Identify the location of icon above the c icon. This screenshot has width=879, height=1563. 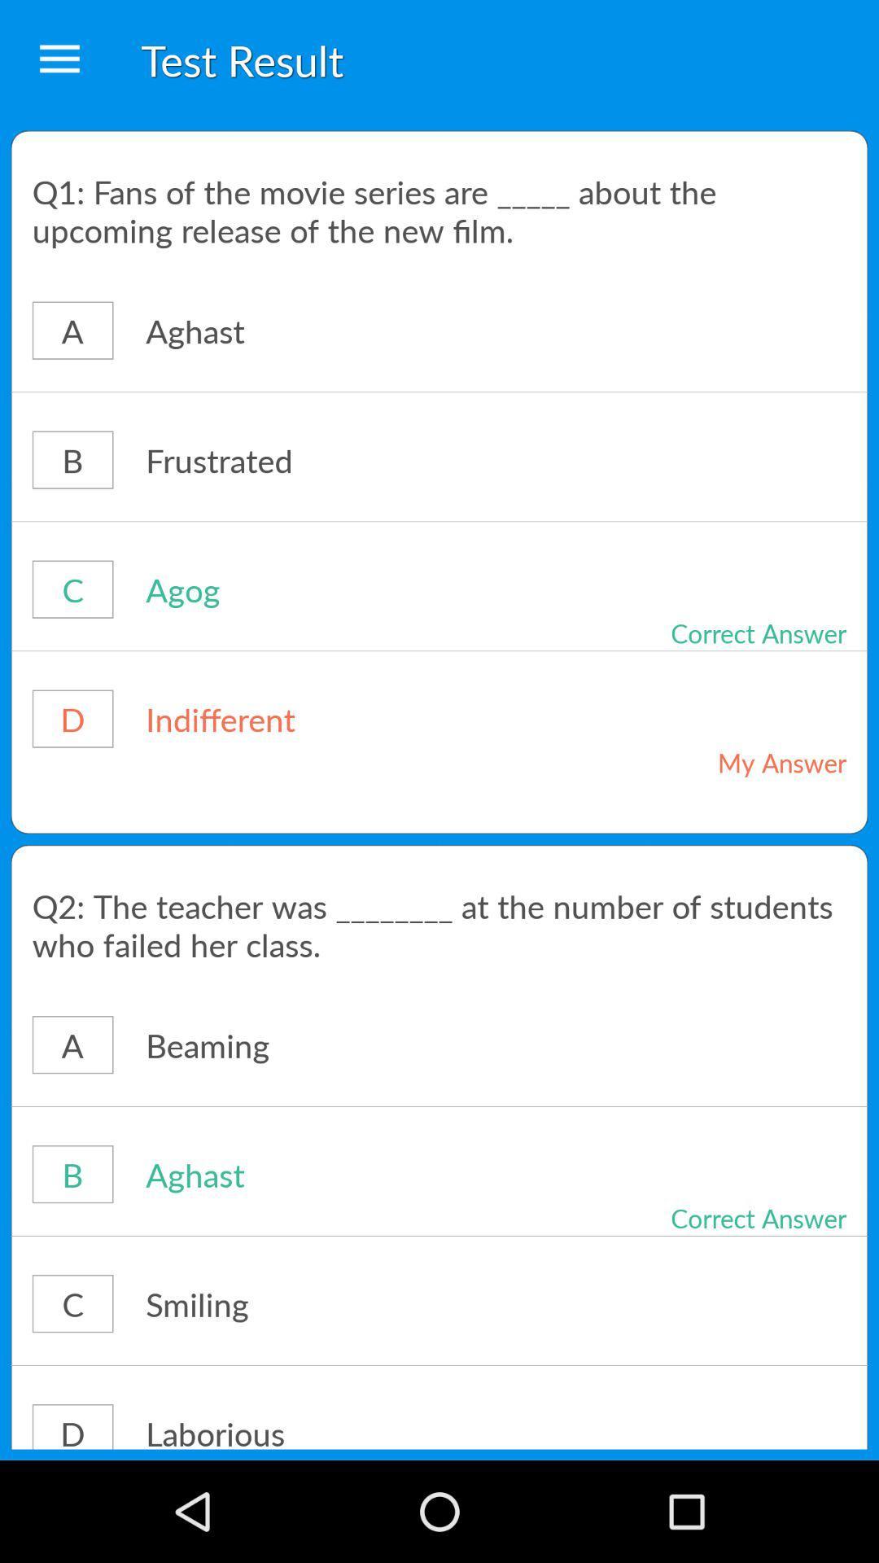
(439, 1236).